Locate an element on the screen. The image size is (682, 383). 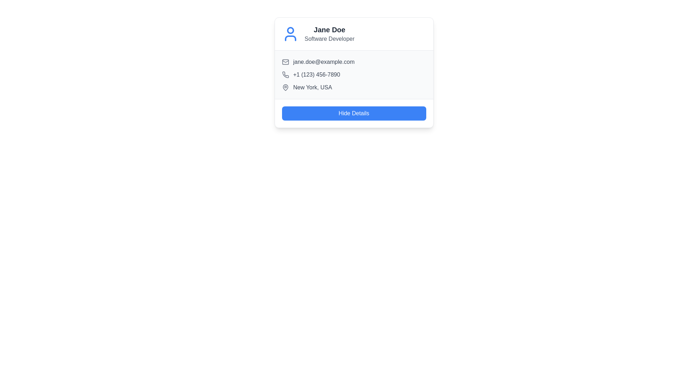
pin icon located in the middle-right section of the card component, which visually represents the user's address information, by performing a right-click action is located at coordinates (285, 87).